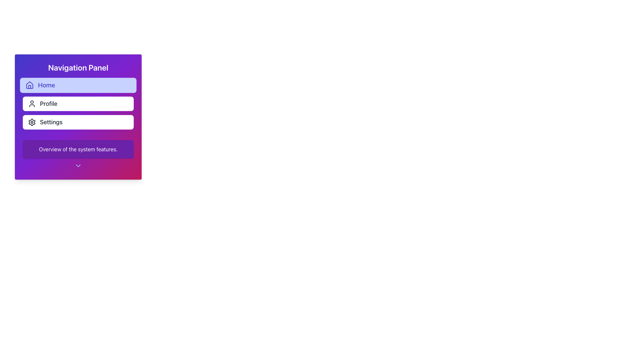  I want to click on the Descriptive Text Box located at the bottom of the Navigation Panel, below the Settings button, so click(78, 149).